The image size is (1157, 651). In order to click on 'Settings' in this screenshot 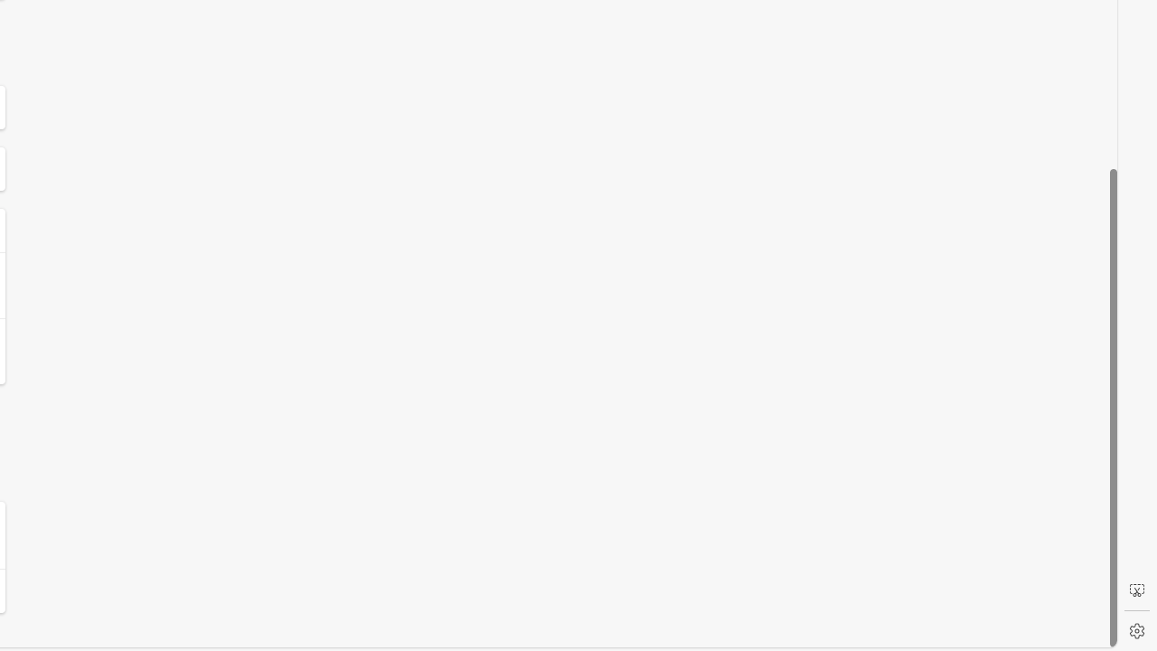, I will do `click(1135, 629)`.